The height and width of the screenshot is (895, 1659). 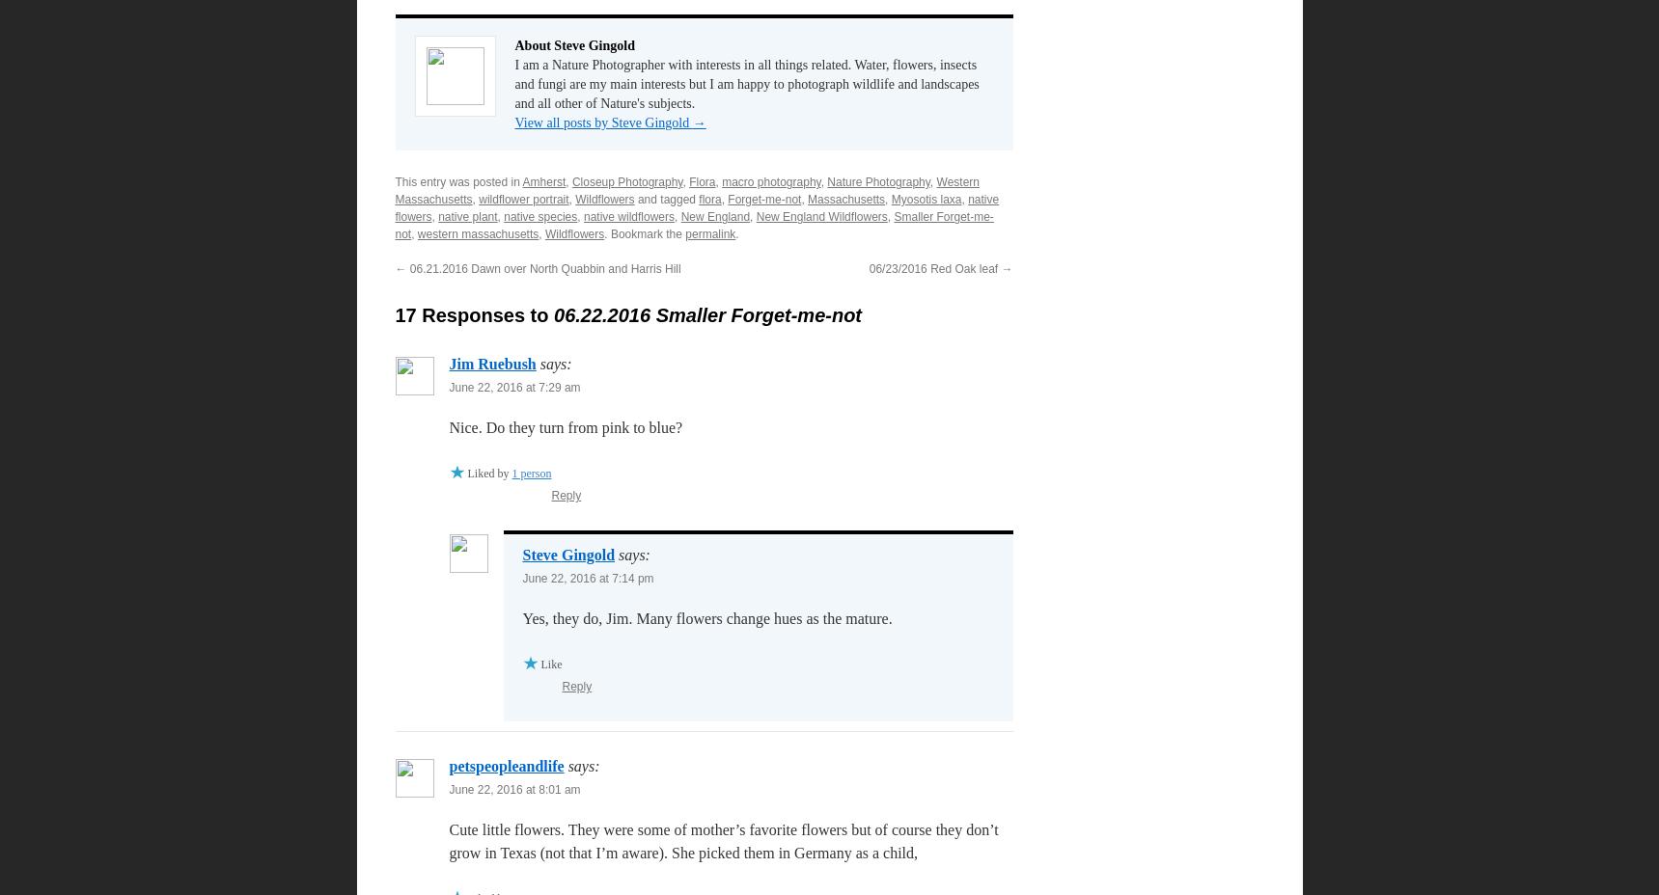 What do you see at coordinates (542, 267) in the screenshot?
I see `'06.21.2016 Dawn over North Quabbin and Harris Hill'` at bounding box center [542, 267].